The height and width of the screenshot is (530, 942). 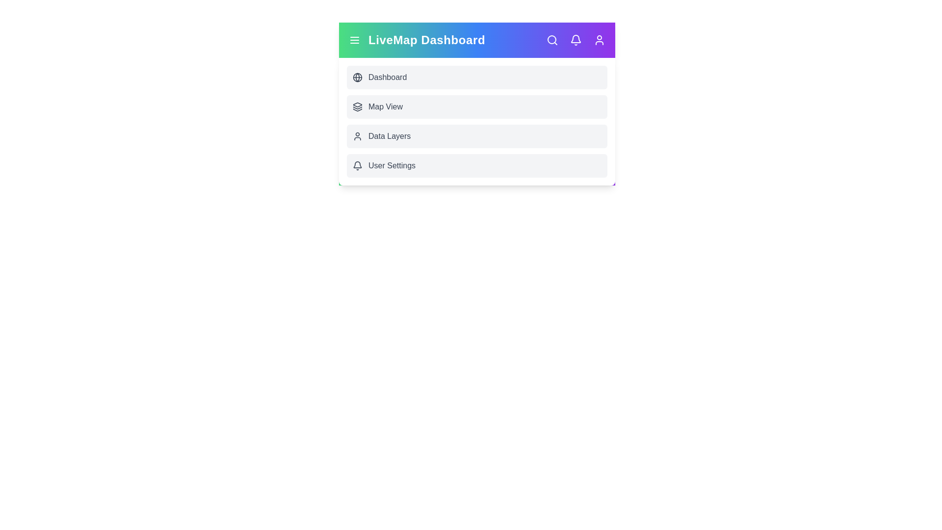 What do you see at coordinates (354, 39) in the screenshot?
I see `the interactive element Menu Icon to view its visual feedback` at bounding box center [354, 39].